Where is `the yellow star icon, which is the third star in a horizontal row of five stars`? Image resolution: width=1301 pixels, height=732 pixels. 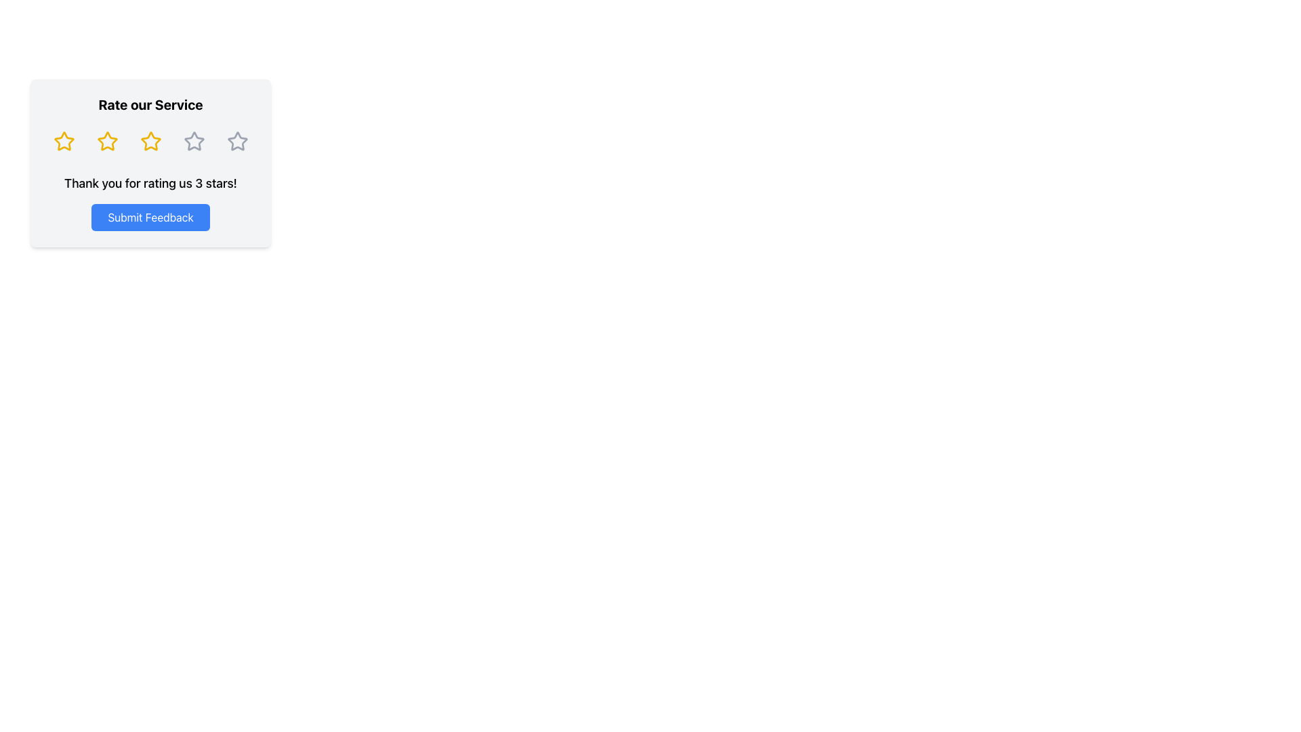
the yellow star icon, which is the third star in a horizontal row of five stars is located at coordinates (150, 141).